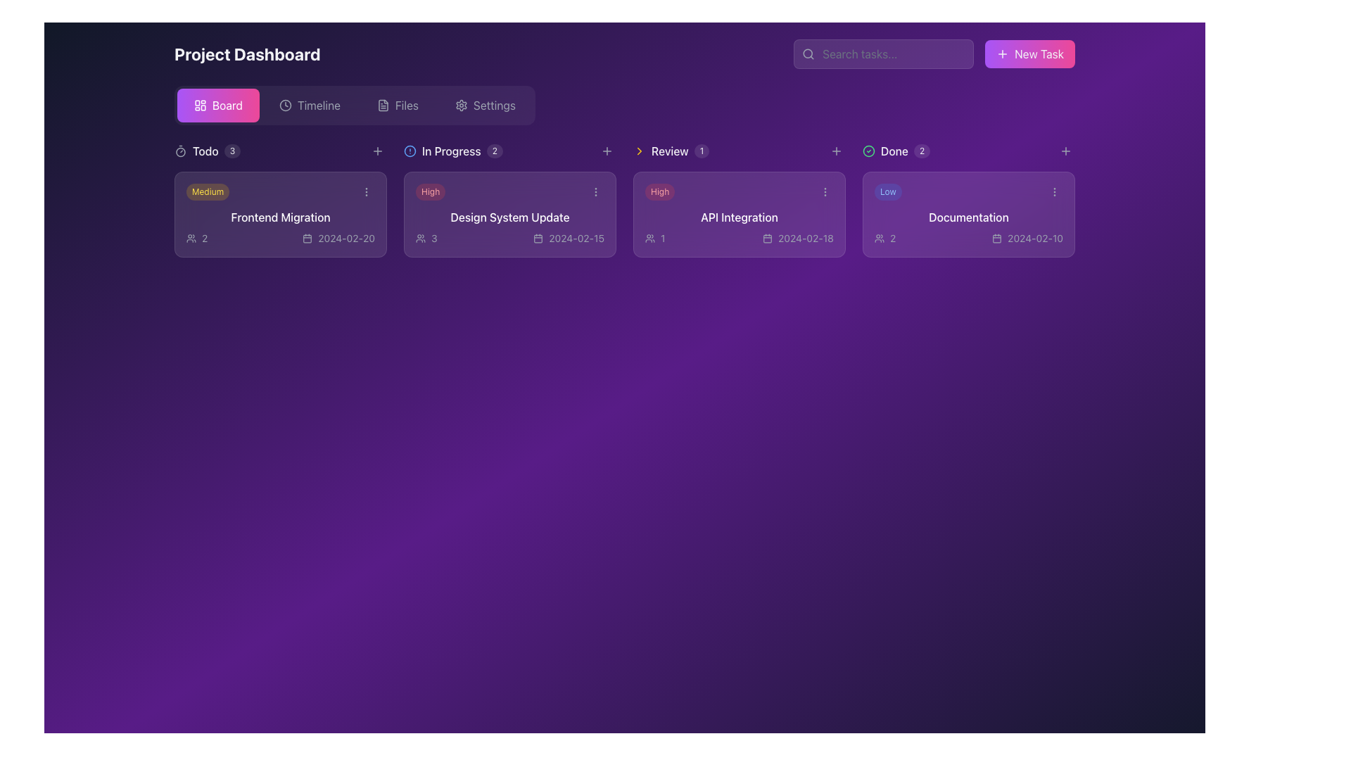 This screenshot has height=760, width=1351. Describe the element at coordinates (767, 238) in the screenshot. I see `the calendar icon styled in an outlined format with a gray color, located to the left of the text '2024-02-18' within the 'API Integration' card under the 'Review' category` at that location.